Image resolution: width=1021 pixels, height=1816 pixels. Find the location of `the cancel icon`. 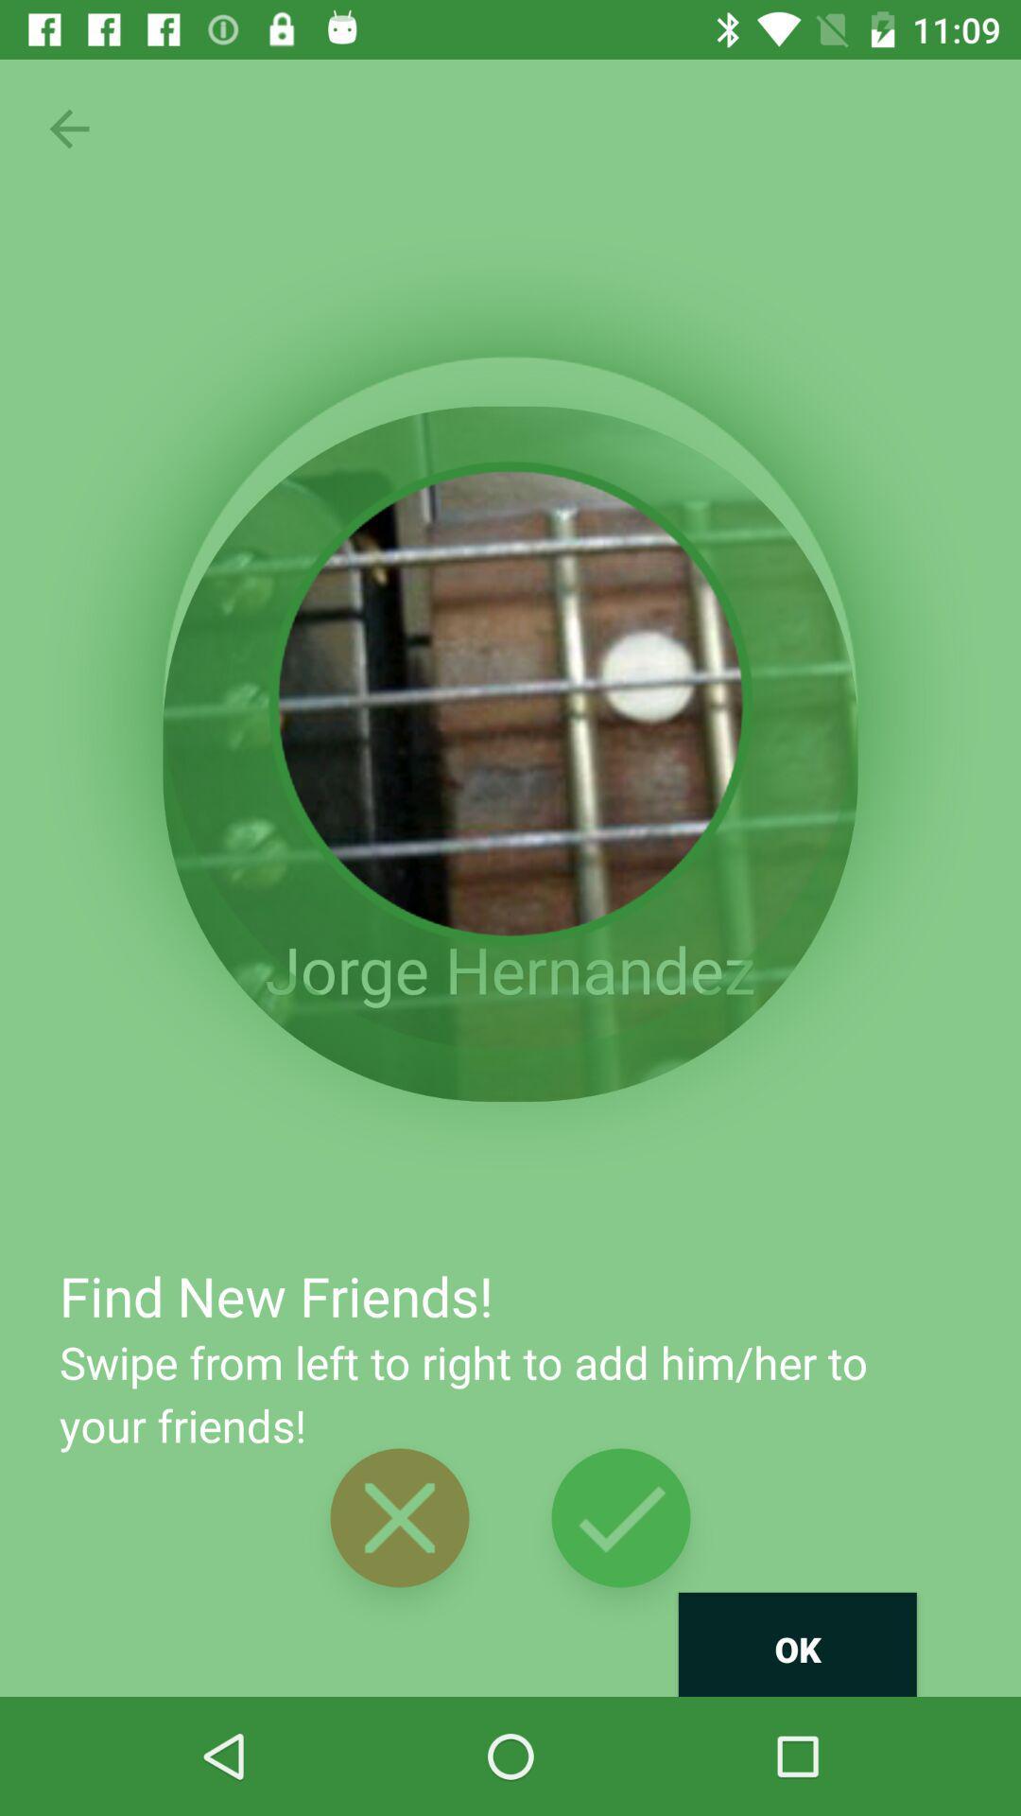

the cancel icon is located at coordinates (399, 1518).